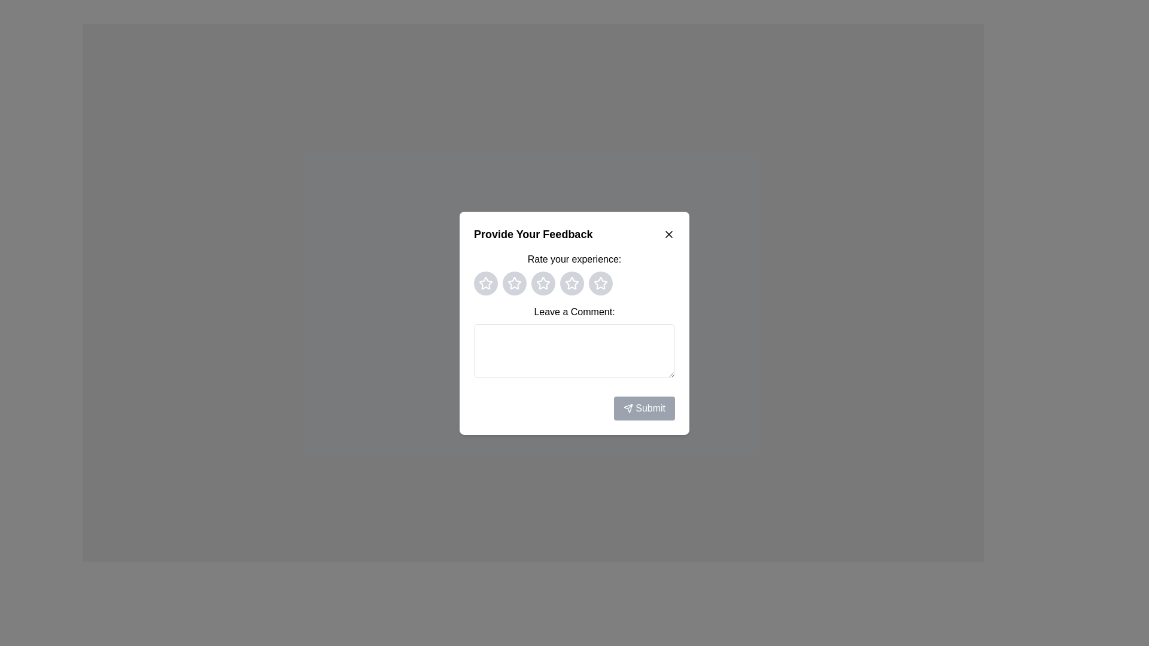 This screenshot has height=646, width=1149. What do you see at coordinates (668, 234) in the screenshot?
I see `the close button icon in the top-right corner of the feedback dialog` at bounding box center [668, 234].